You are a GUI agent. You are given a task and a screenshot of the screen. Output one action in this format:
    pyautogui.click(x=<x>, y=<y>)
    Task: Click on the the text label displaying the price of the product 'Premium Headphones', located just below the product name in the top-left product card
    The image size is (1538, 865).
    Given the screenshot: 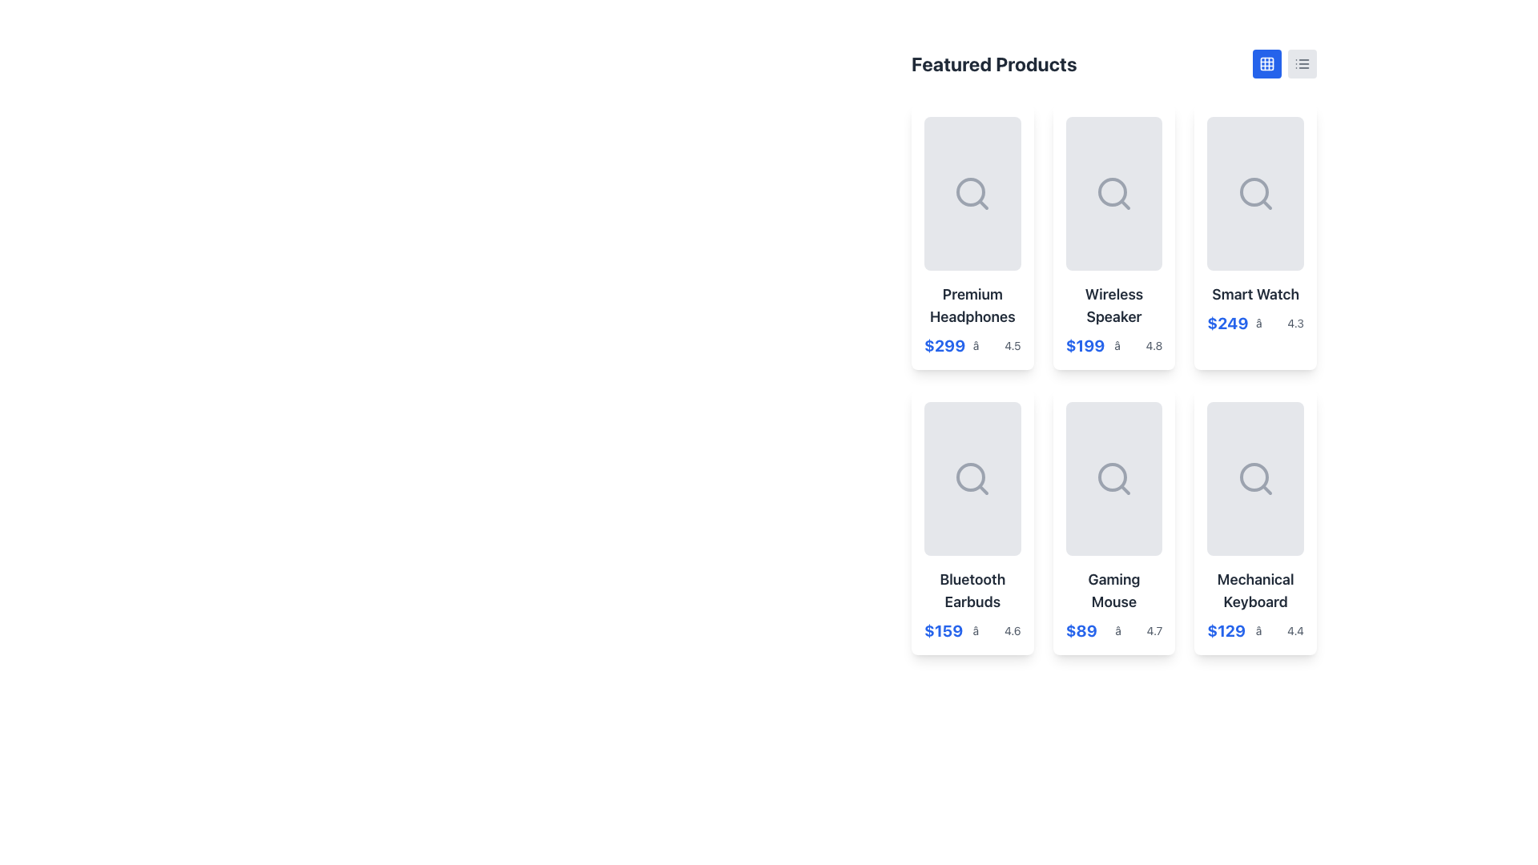 What is the action you would take?
    pyautogui.click(x=944, y=345)
    